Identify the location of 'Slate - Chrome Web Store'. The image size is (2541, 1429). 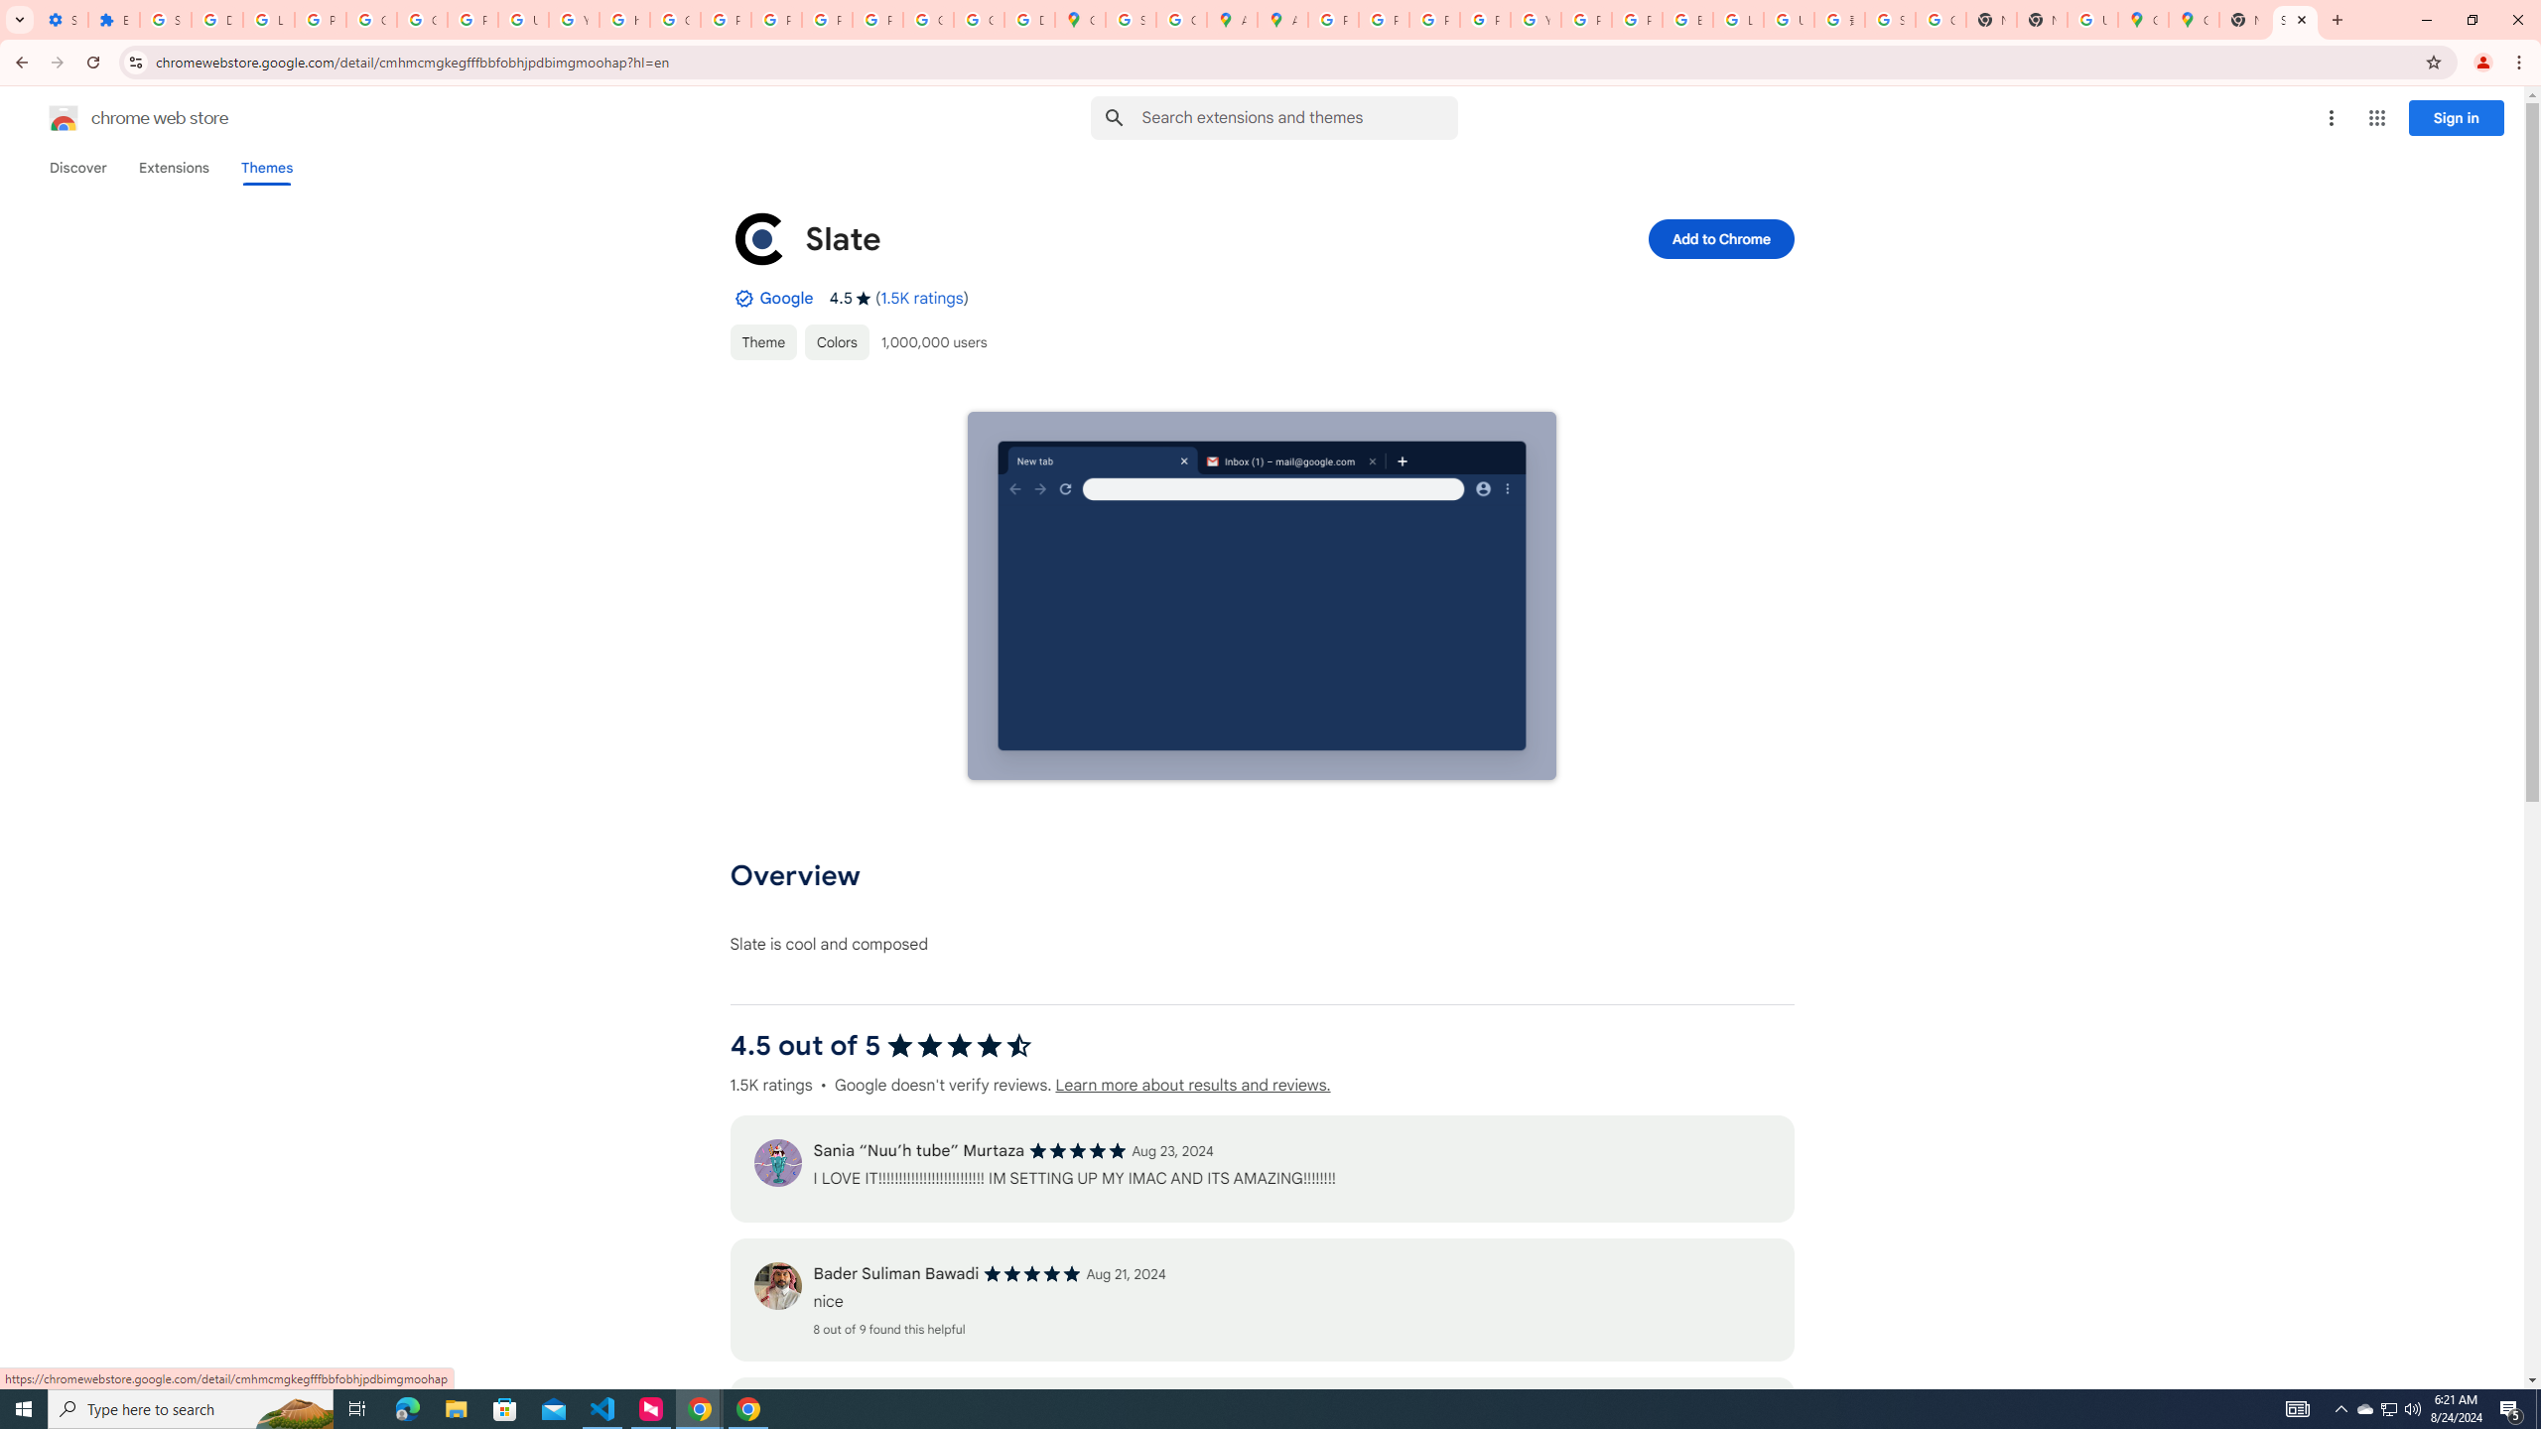
(2294, 19).